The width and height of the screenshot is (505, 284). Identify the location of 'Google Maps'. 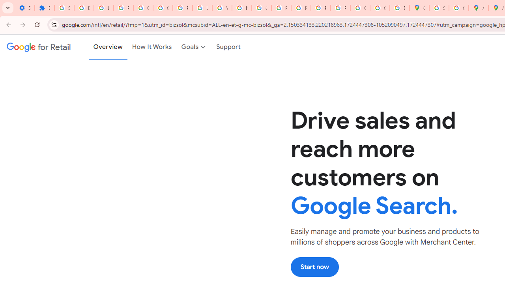
(419, 8).